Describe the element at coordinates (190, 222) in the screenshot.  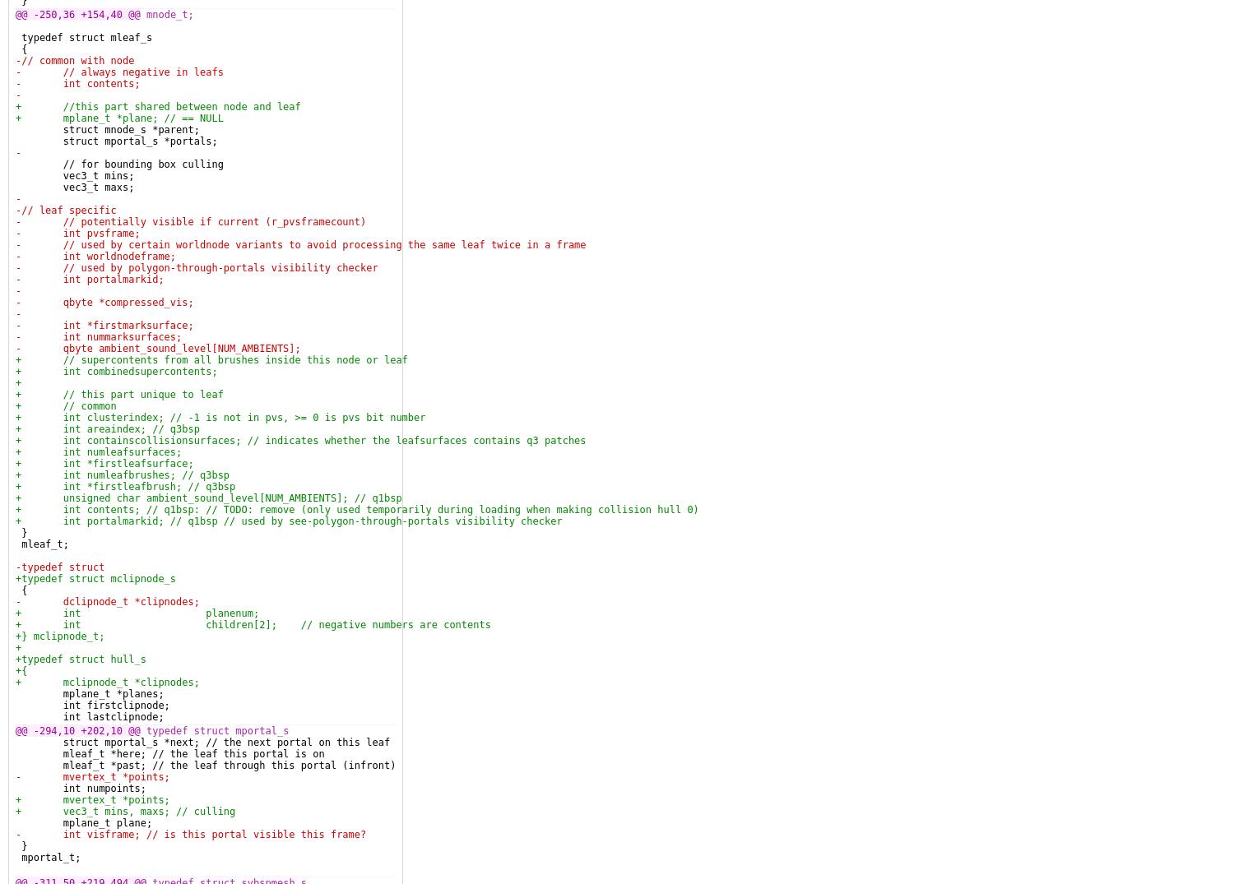
I see `'-       // potentially visible if current (r_pvsframecount)'` at that location.